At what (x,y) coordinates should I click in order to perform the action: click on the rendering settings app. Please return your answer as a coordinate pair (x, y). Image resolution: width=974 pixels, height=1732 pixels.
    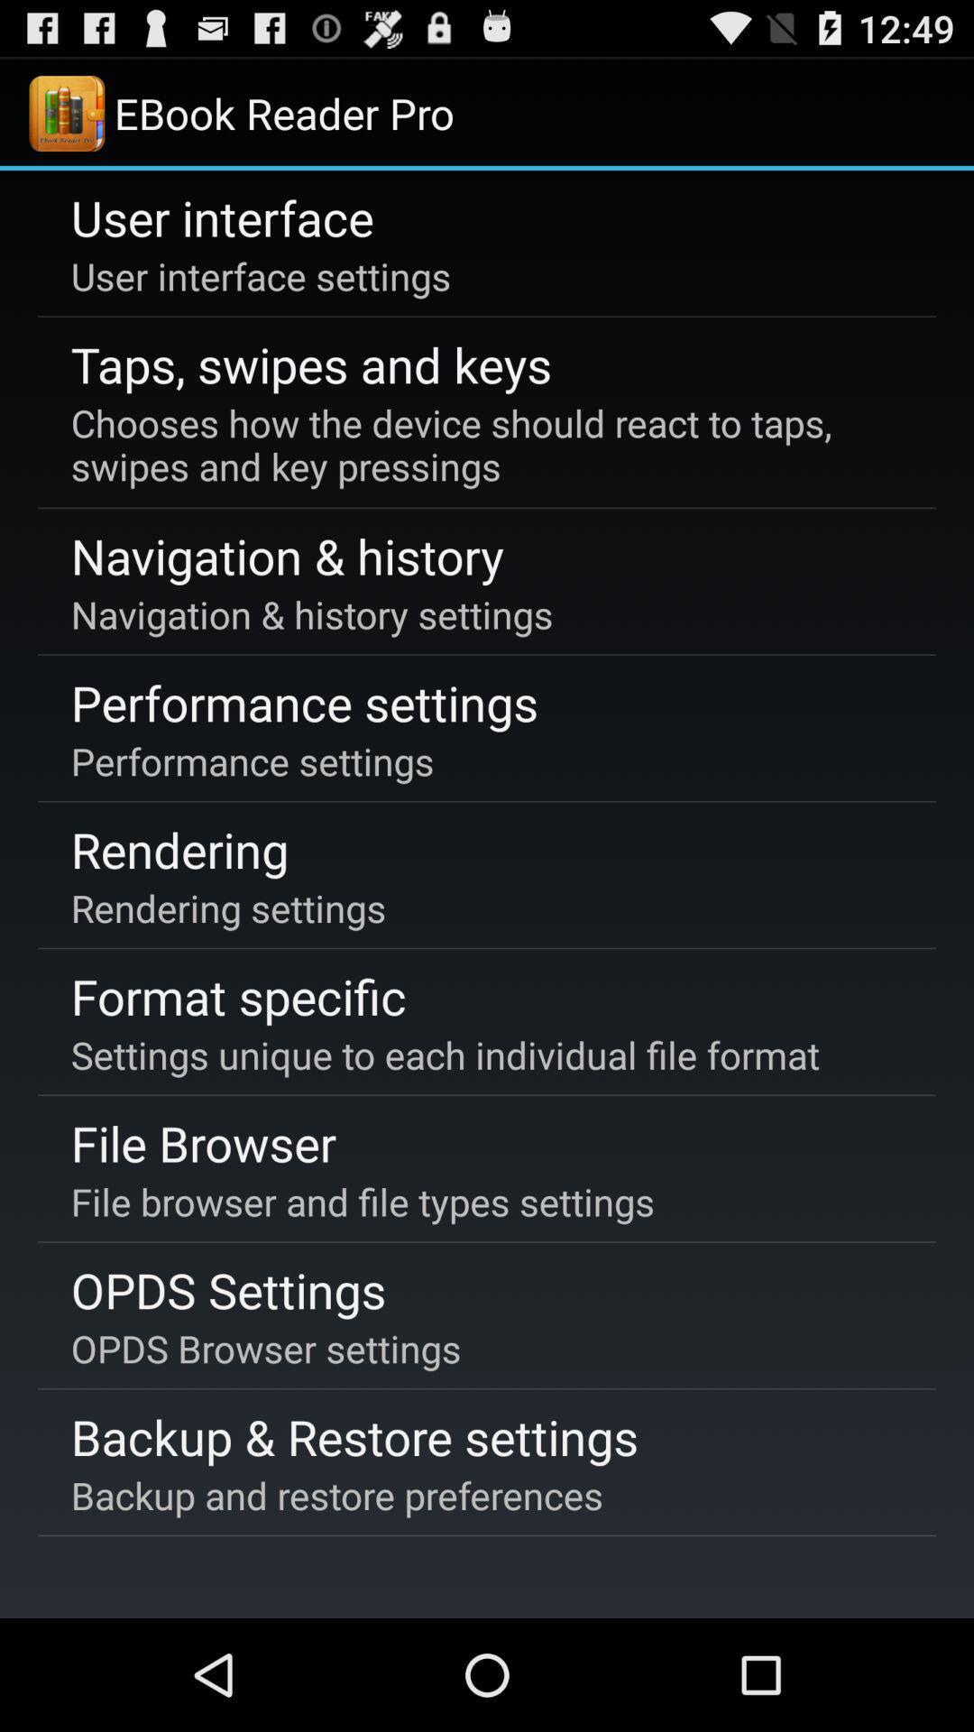
    Looking at the image, I should click on (227, 907).